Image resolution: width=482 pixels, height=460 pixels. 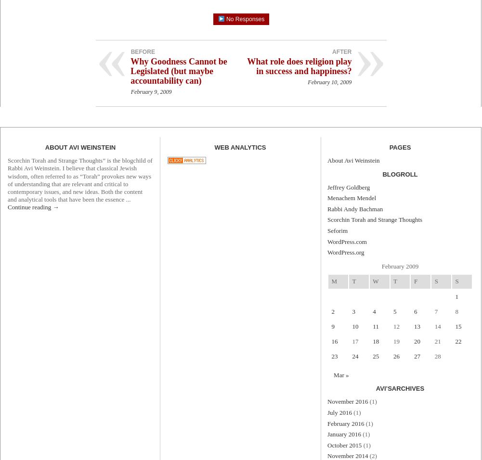 I want to click on 'Pages', so click(x=399, y=147).